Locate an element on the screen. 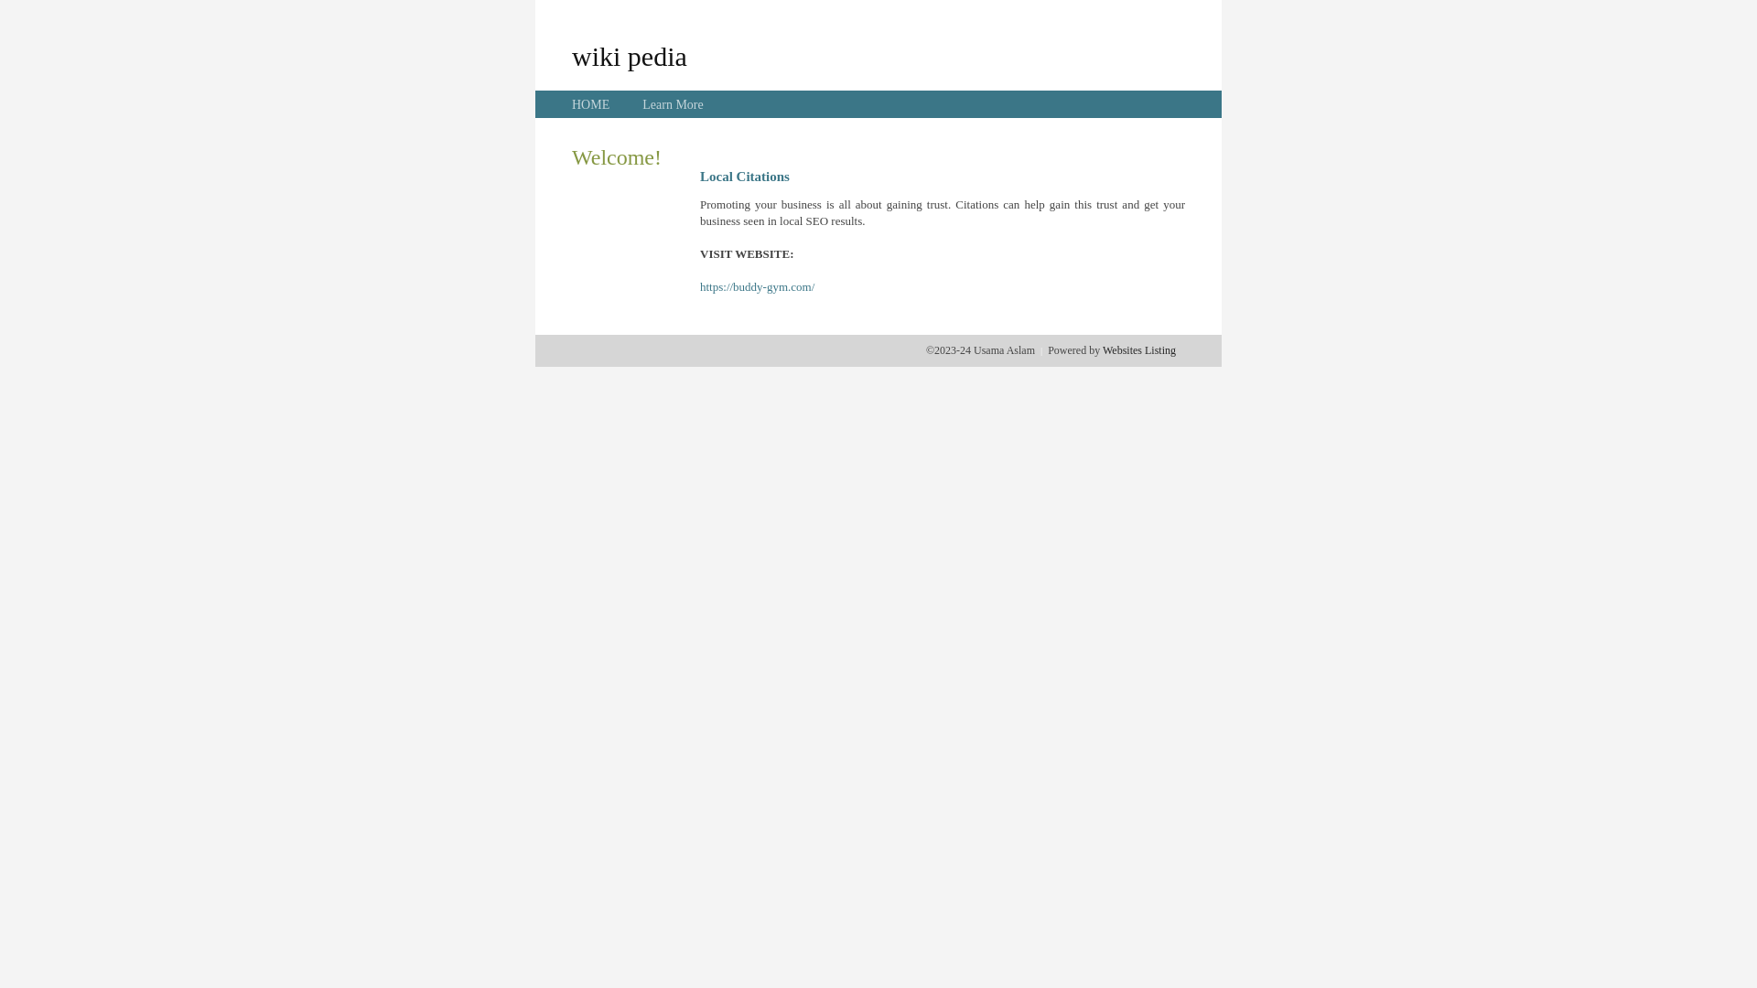 The width and height of the screenshot is (1757, 988). 'https://buddy-gym.com/' is located at coordinates (757, 286).